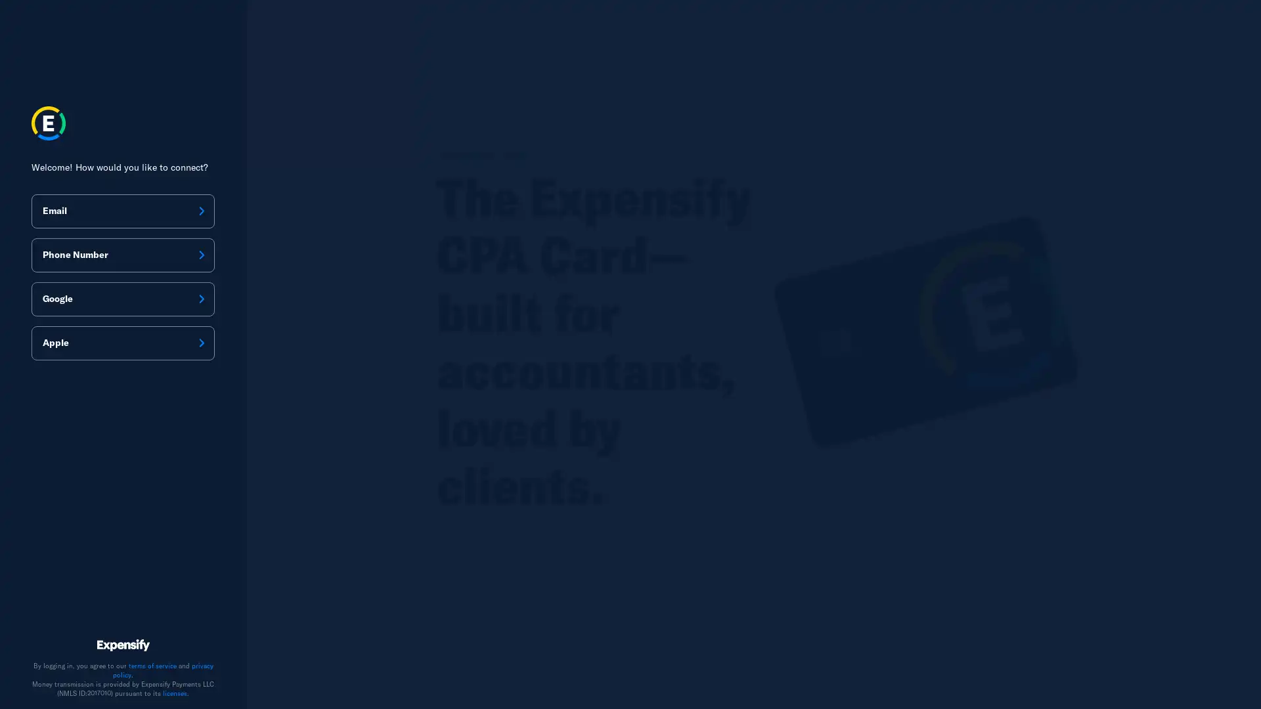  What do you see at coordinates (123, 299) in the screenshot?
I see `Google` at bounding box center [123, 299].